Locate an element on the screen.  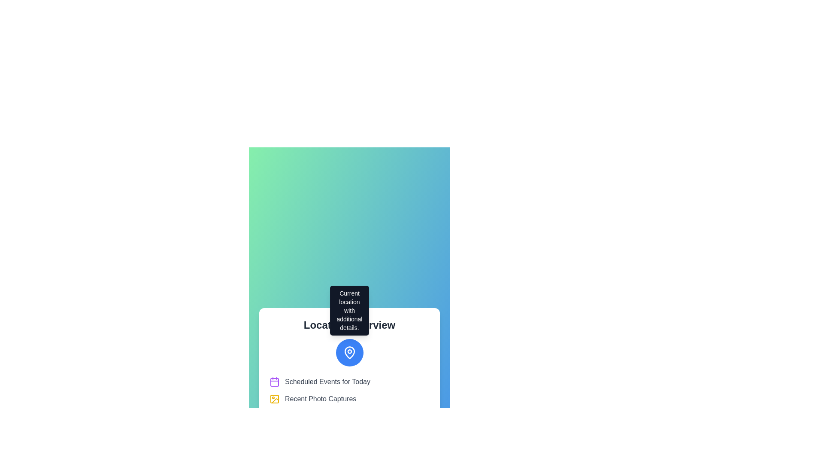
the informative label indicating features related is located at coordinates (349, 399).